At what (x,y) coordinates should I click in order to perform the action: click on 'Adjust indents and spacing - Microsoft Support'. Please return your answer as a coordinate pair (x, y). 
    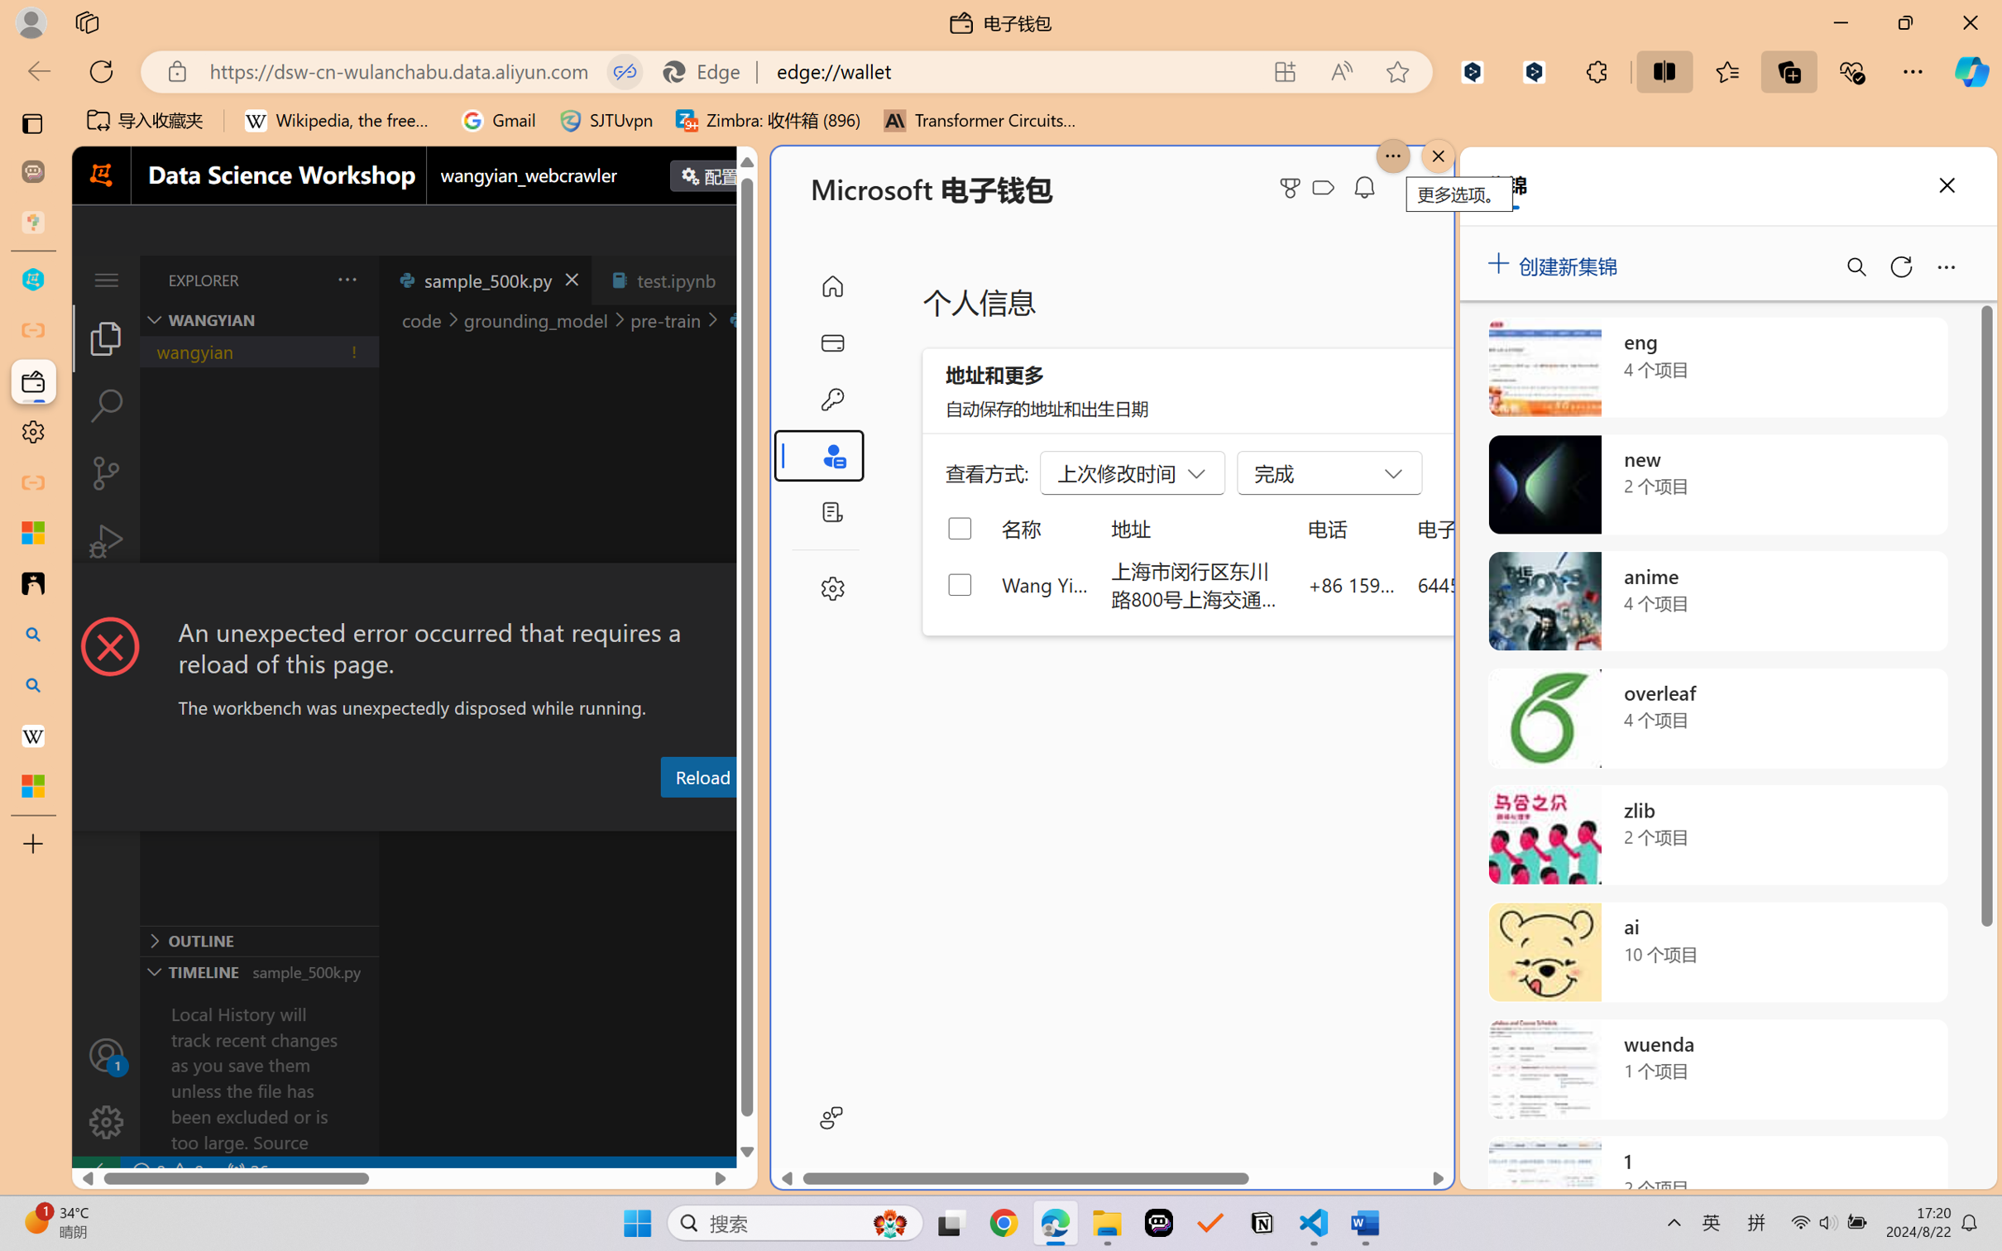
    Looking at the image, I should click on (32, 532).